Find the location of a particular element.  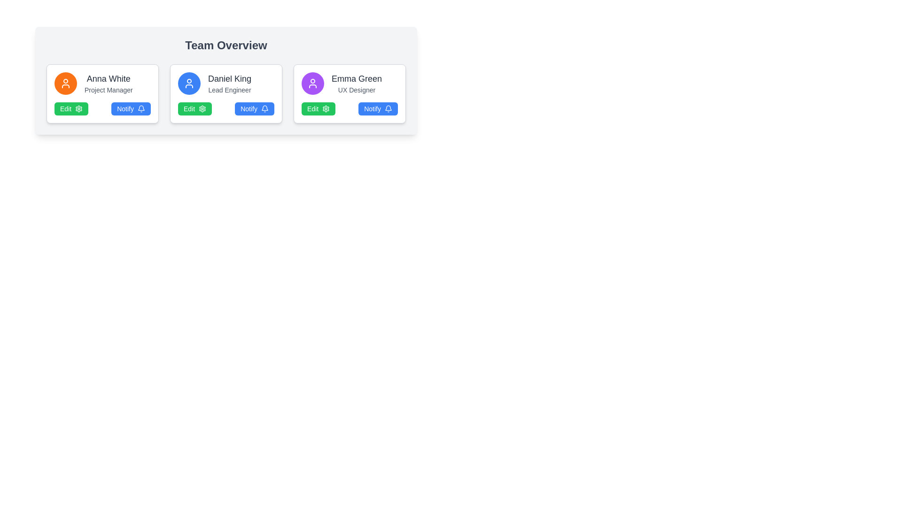

the editing button located beneath the 'Daniel King' card in the center column is located at coordinates (194, 108).